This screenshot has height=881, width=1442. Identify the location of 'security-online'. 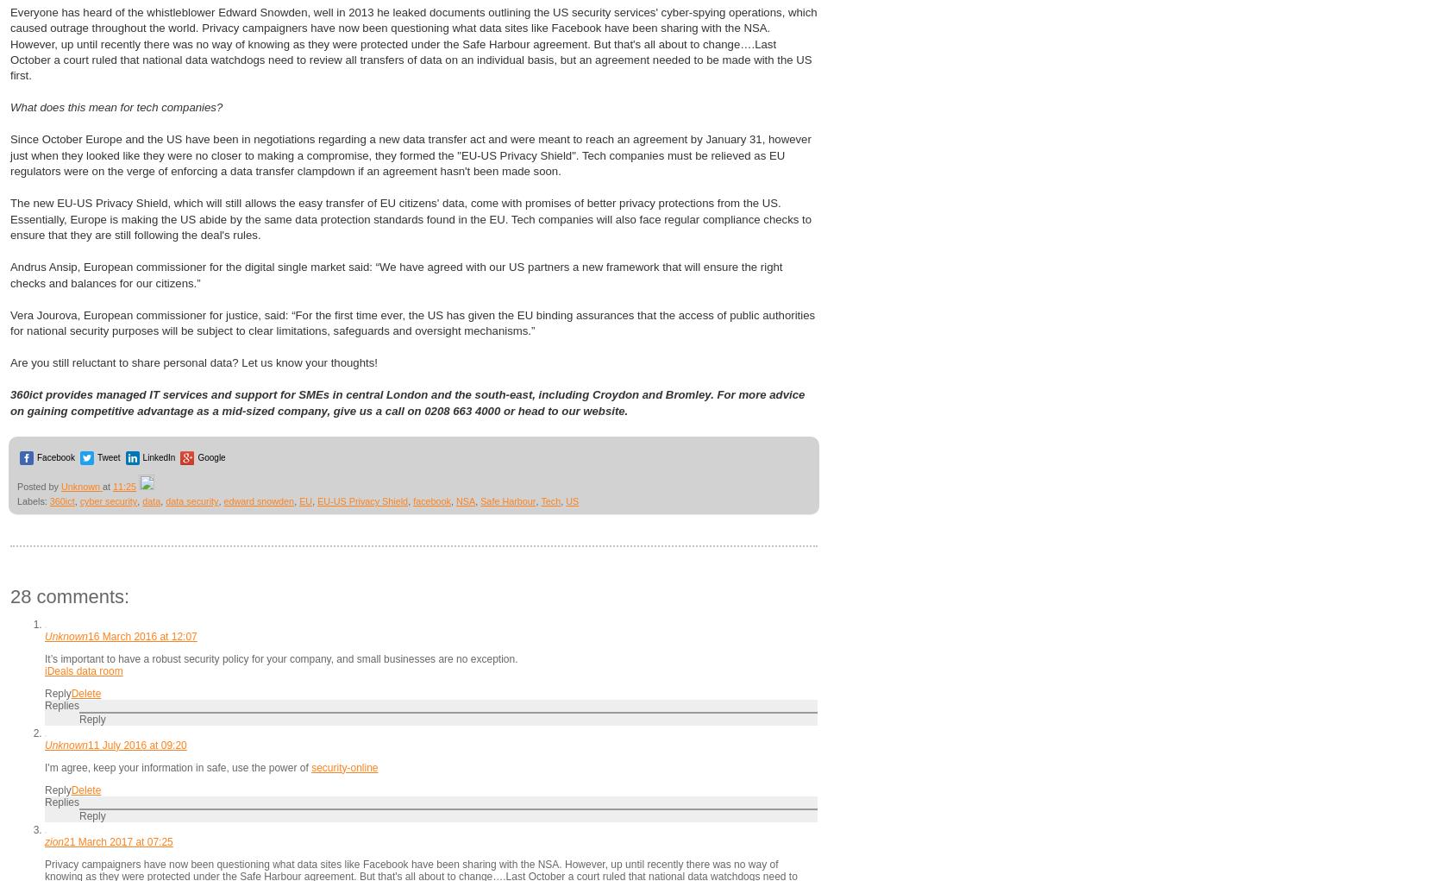
(343, 765).